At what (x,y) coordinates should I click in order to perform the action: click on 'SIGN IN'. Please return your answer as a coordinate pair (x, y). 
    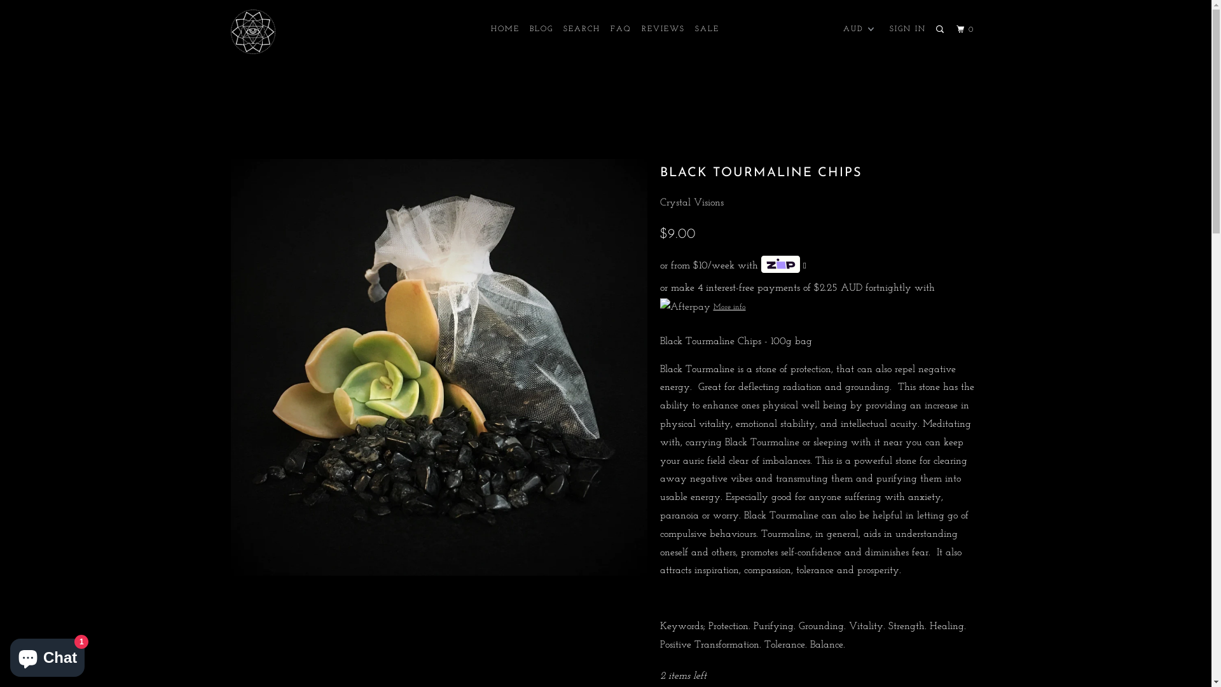
    Looking at the image, I should click on (907, 29).